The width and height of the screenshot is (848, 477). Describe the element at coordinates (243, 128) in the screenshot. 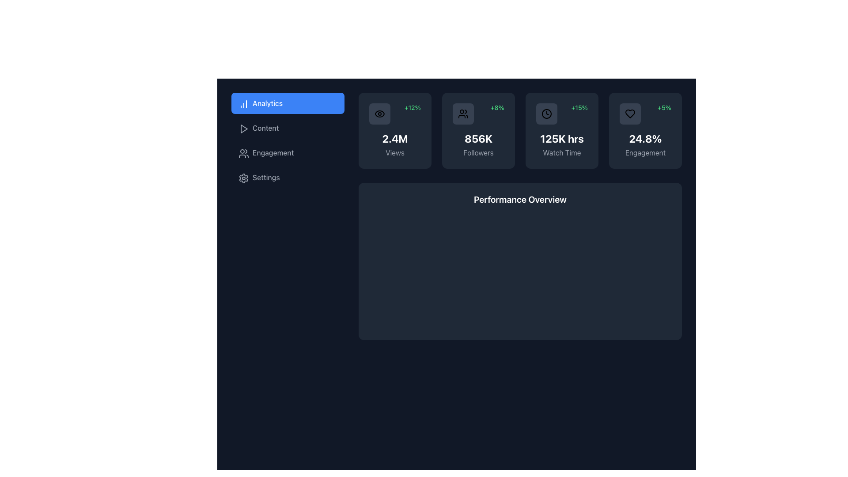

I see `the play icon shaped as a triangle within a circular boundary located beside the 'Content' label in the left sidebar navigation menu` at that location.